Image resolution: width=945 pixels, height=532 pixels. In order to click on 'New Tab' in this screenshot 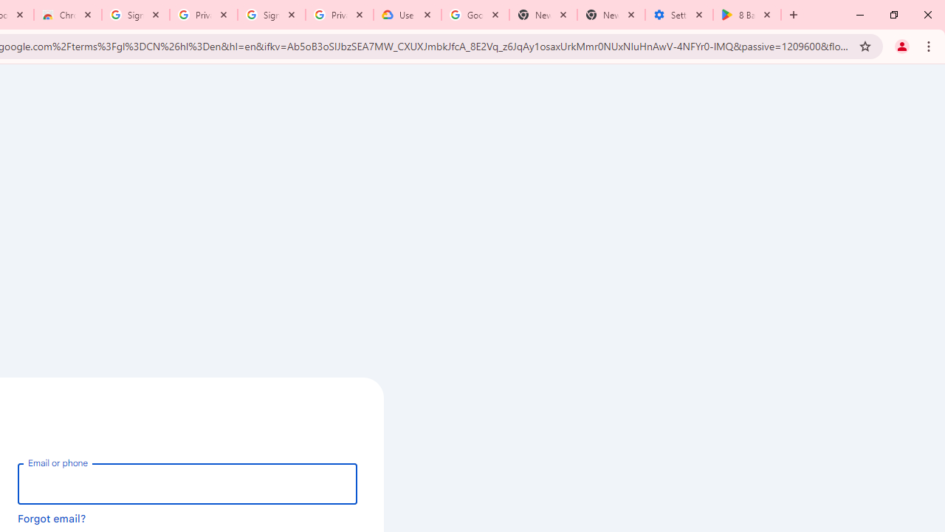, I will do `click(611, 15)`.